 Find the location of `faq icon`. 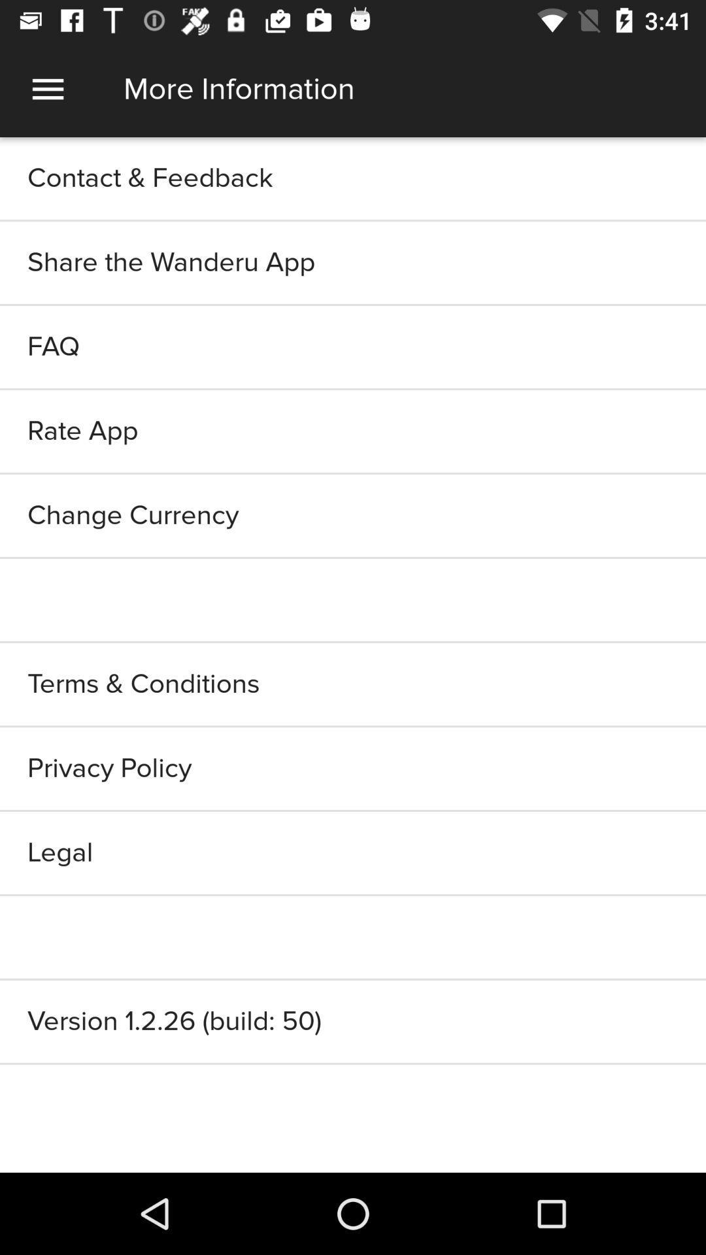

faq icon is located at coordinates (353, 347).